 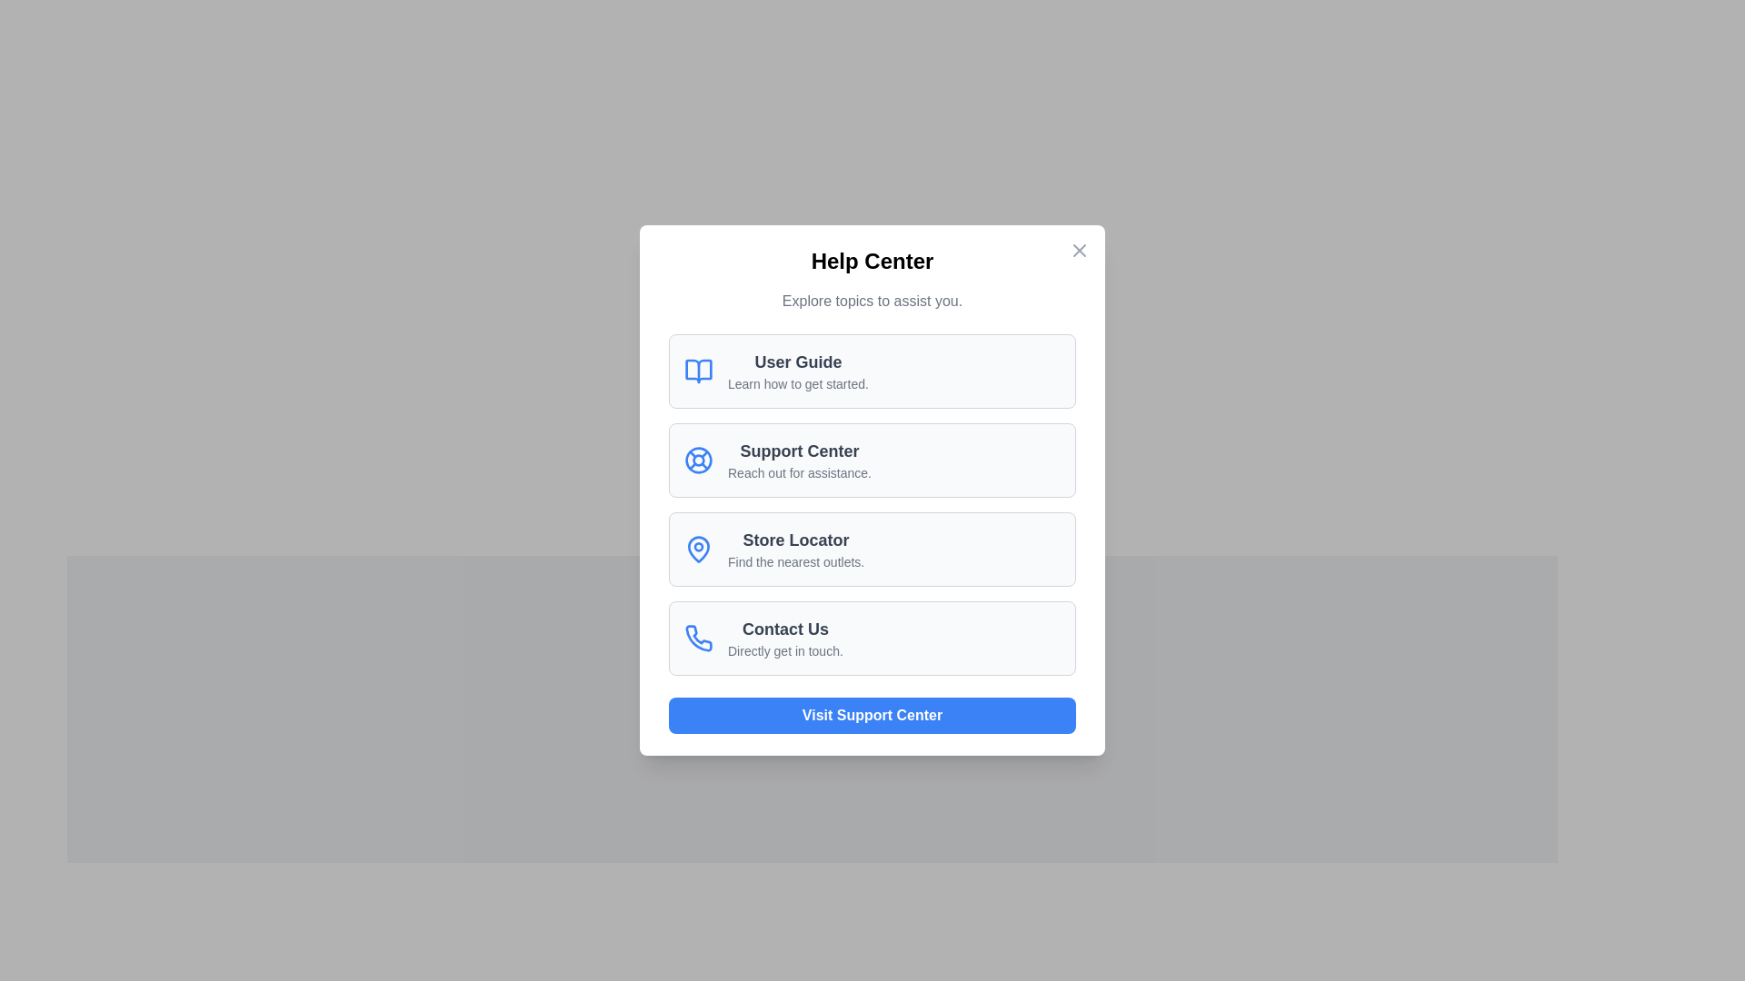 What do you see at coordinates (1080, 251) in the screenshot?
I see `the Close Button located in the top-right corner of the Help Center dialog to change its color` at bounding box center [1080, 251].